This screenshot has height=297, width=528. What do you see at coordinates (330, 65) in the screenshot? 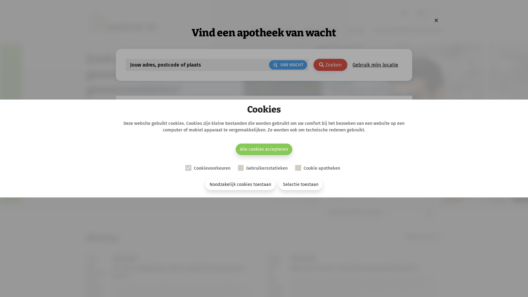
I see `'Zoeken'` at bounding box center [330, 65].